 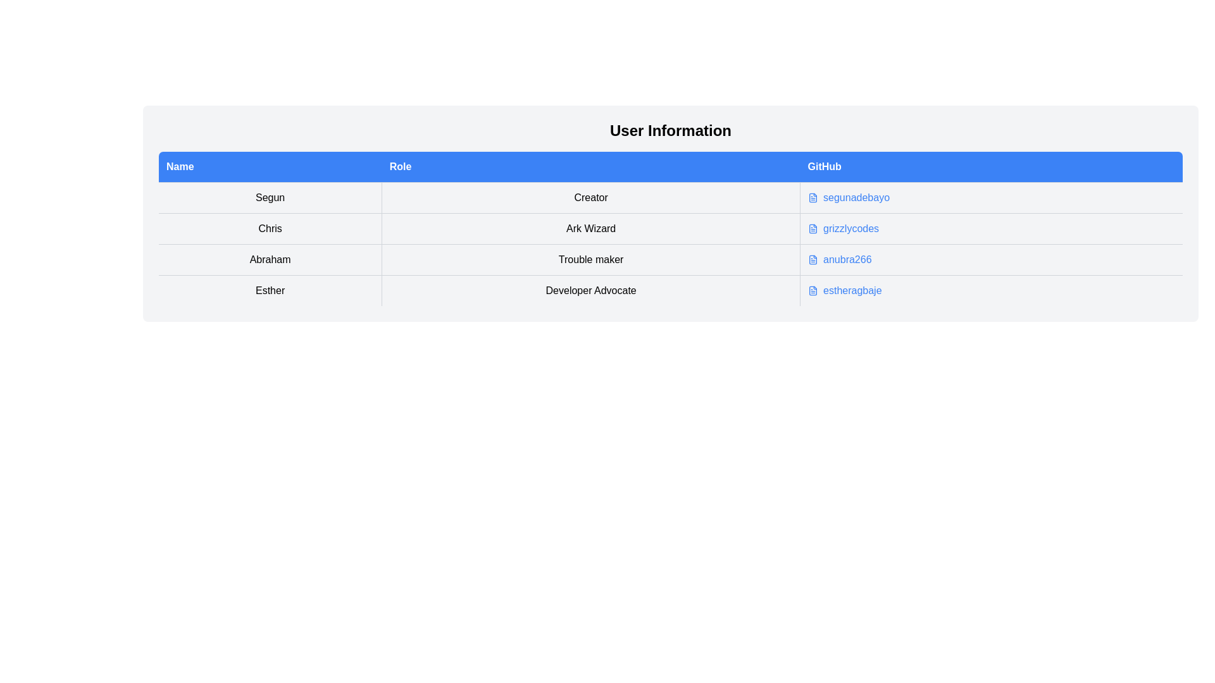 What do you see at coordinates (991, 229) in the screenshot?
I see `the second hyperlink` at bounding box center [991, 229].